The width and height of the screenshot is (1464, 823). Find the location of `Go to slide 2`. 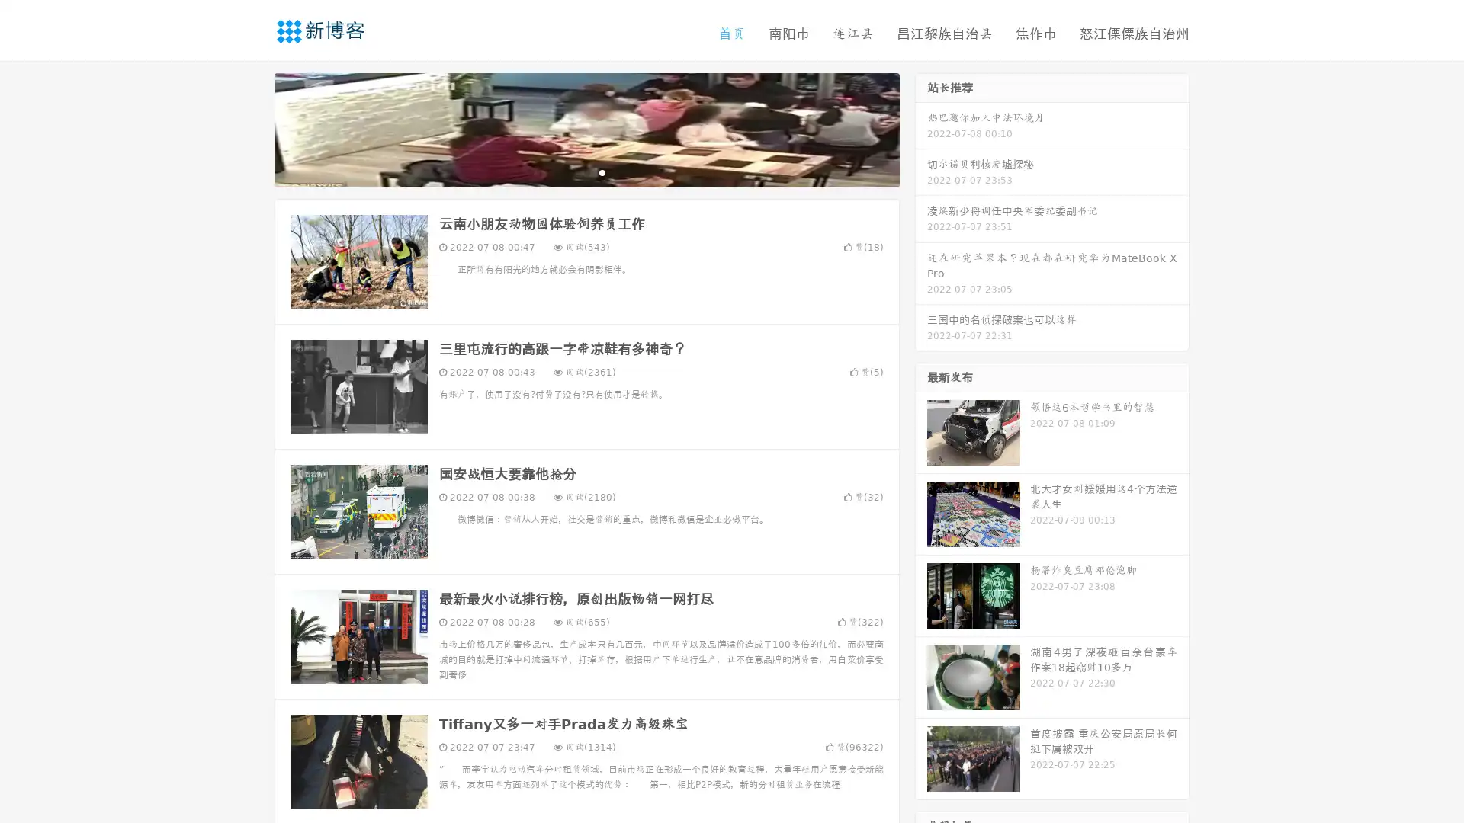

Go to slide 2 is located at coordinates (586, 171).